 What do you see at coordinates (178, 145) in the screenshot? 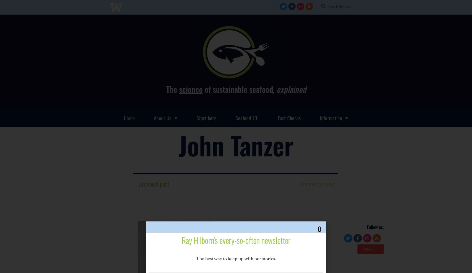
I see `'John Tanzer'` at bounding box center [178, 145].